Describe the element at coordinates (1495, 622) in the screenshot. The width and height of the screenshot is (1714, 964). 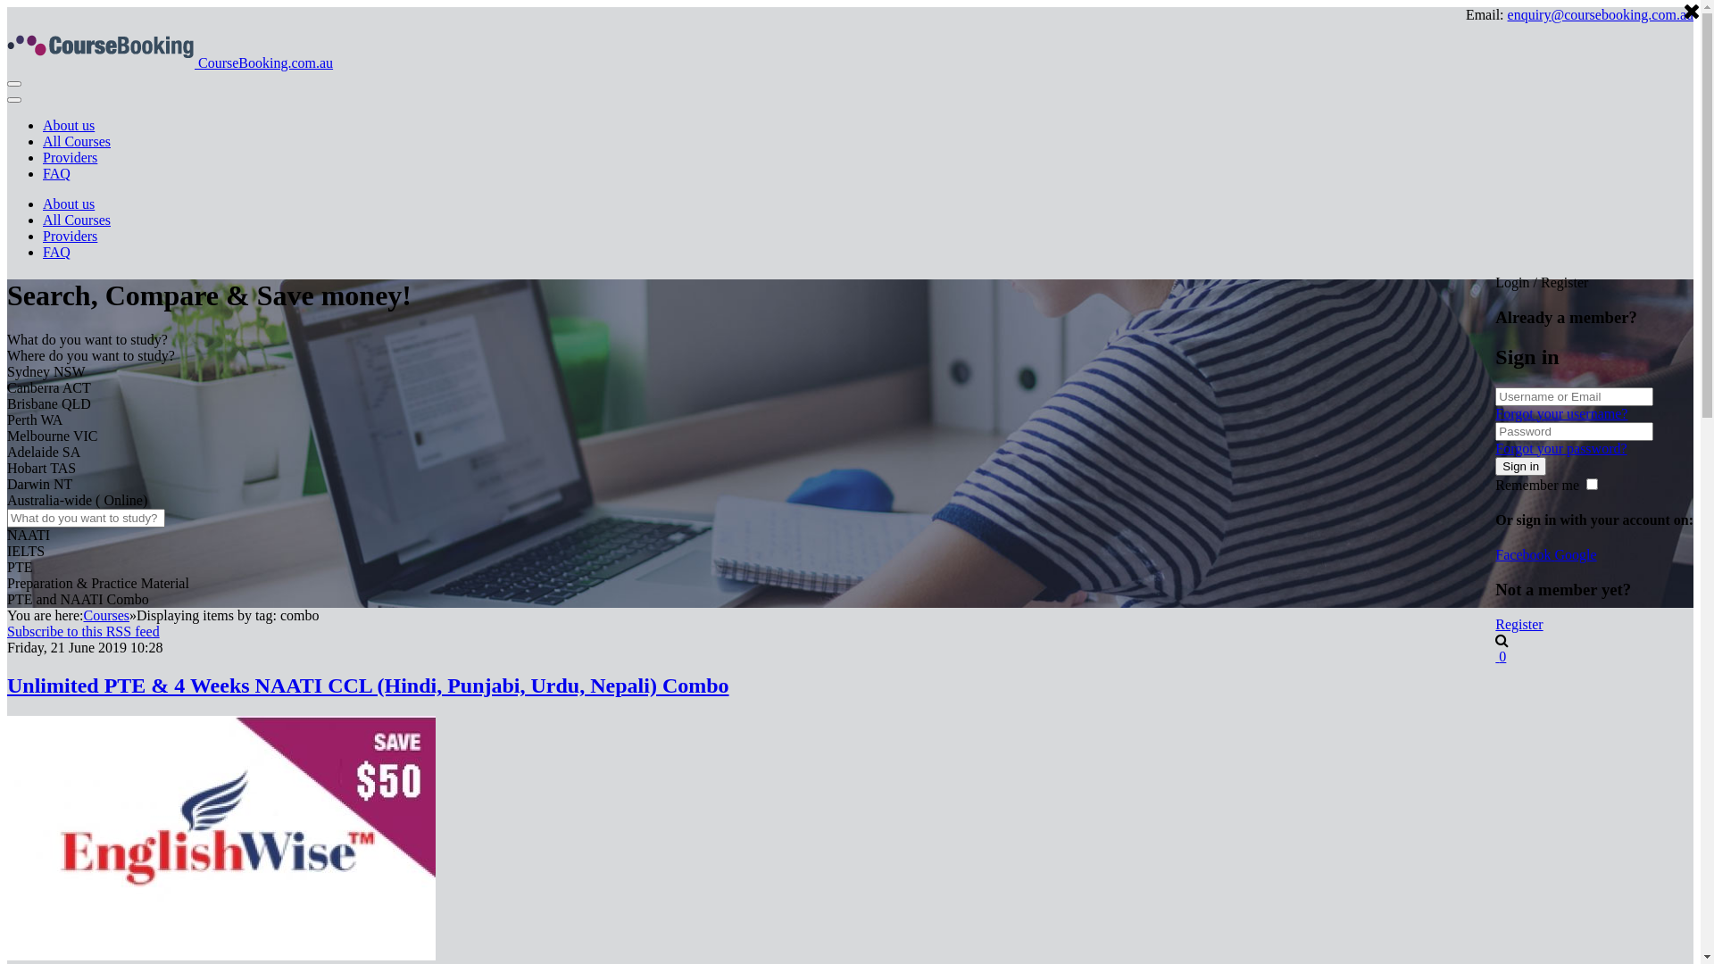
I see `'Register'` at that location.